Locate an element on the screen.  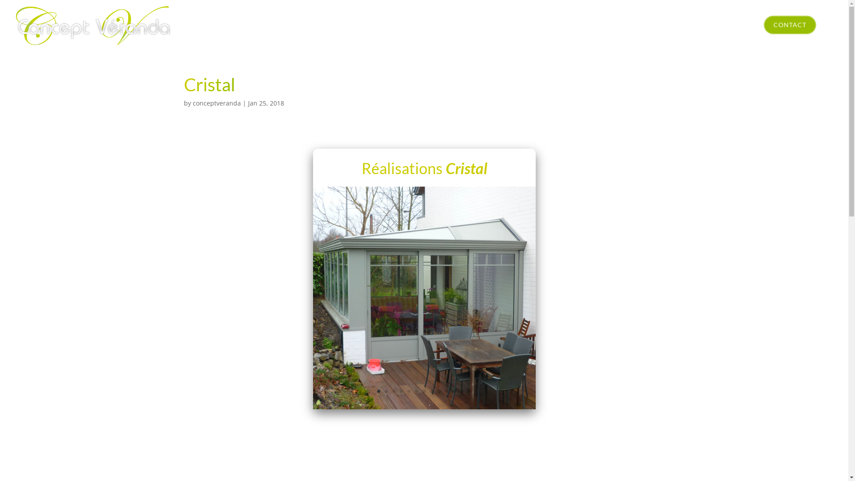
'CONTACT' is located at coordinates (790, 24).